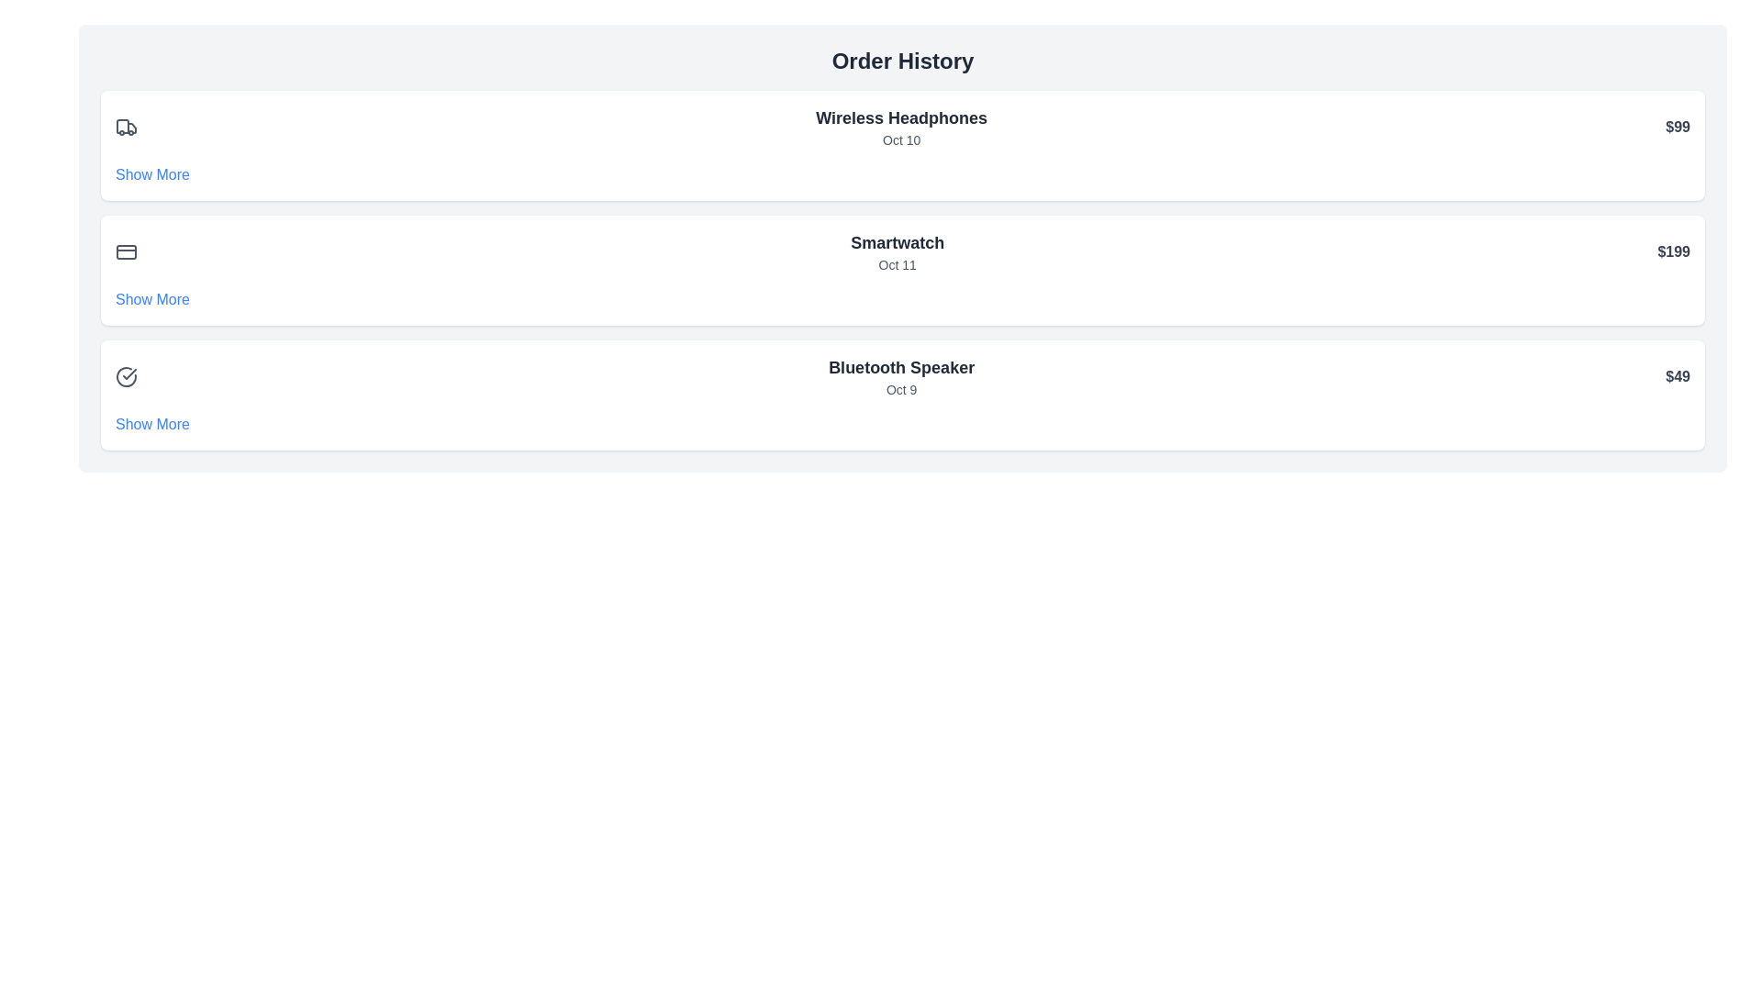 Image resolution: width=1762 pixels, height=991 pixels. Describe the element at coordinates (126, 126) in the screenshot. I see `the delivery icon located at the leftmost region of the row for 'Wireless Headphones' dated 'Oct 10' priced at '$99'` at that location.